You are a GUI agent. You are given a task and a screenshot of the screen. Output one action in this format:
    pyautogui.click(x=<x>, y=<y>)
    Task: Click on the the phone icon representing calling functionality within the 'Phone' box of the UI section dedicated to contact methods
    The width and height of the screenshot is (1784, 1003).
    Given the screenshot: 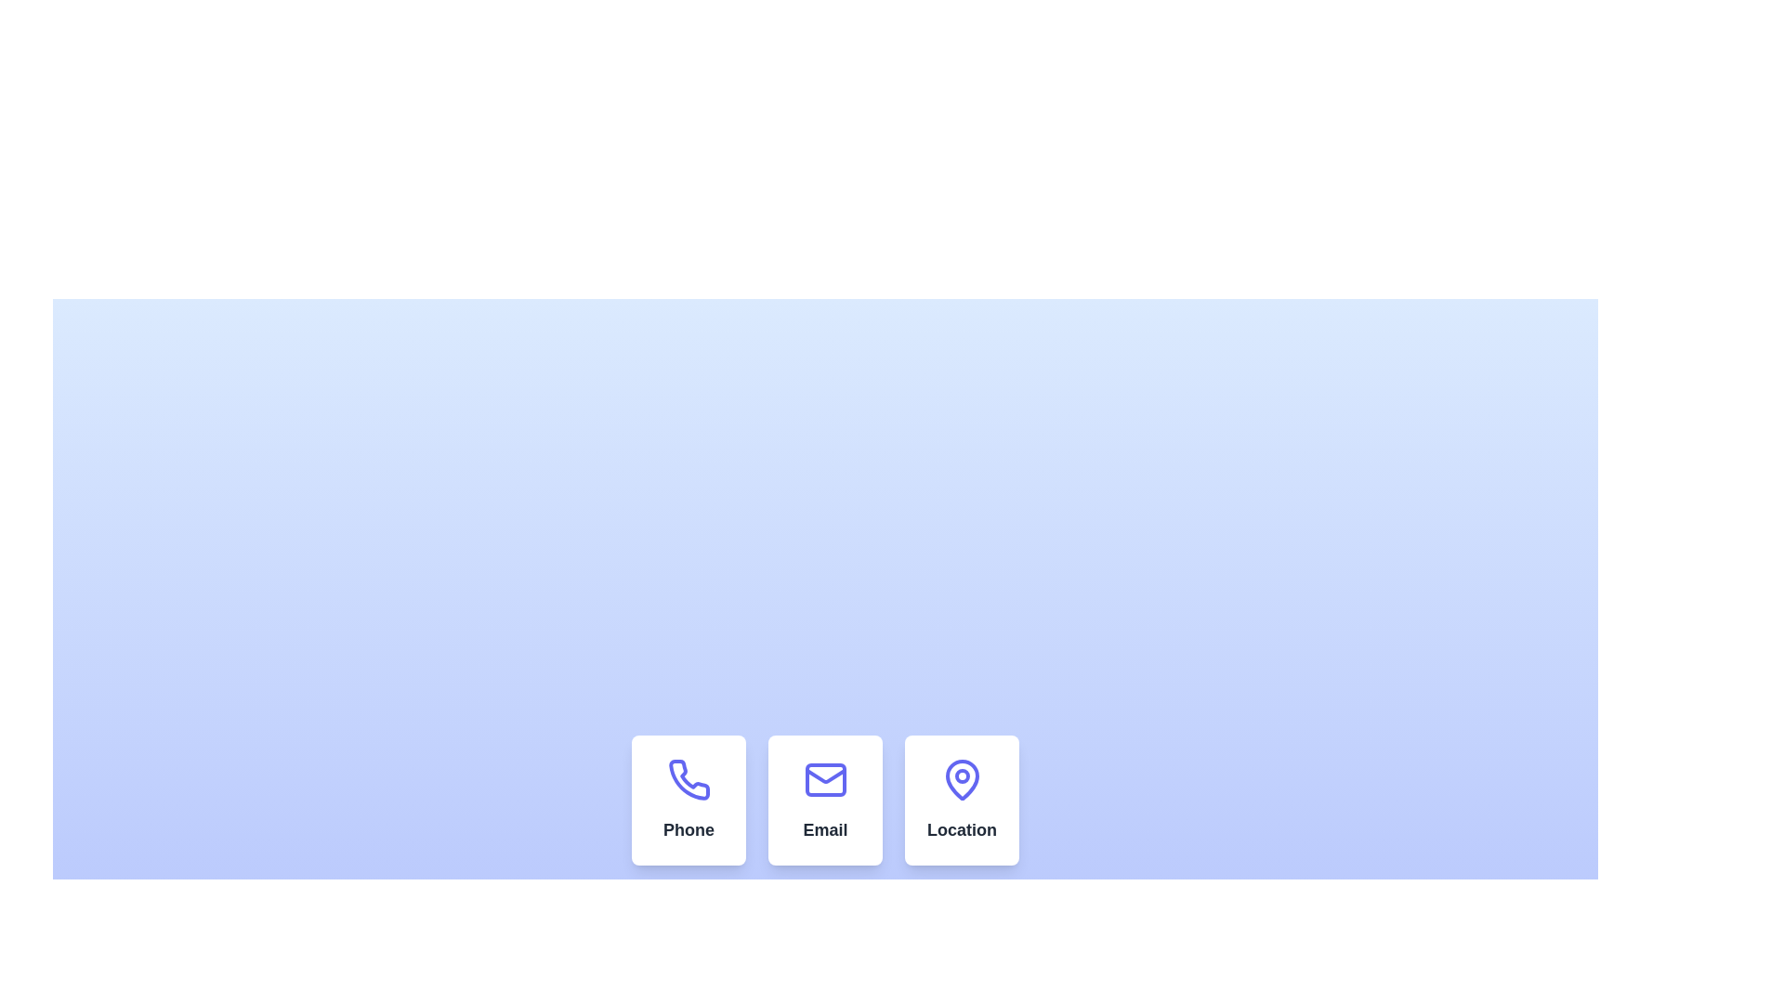 What is the action you would take?
    pyautogui.click(x=688, y=779)
    